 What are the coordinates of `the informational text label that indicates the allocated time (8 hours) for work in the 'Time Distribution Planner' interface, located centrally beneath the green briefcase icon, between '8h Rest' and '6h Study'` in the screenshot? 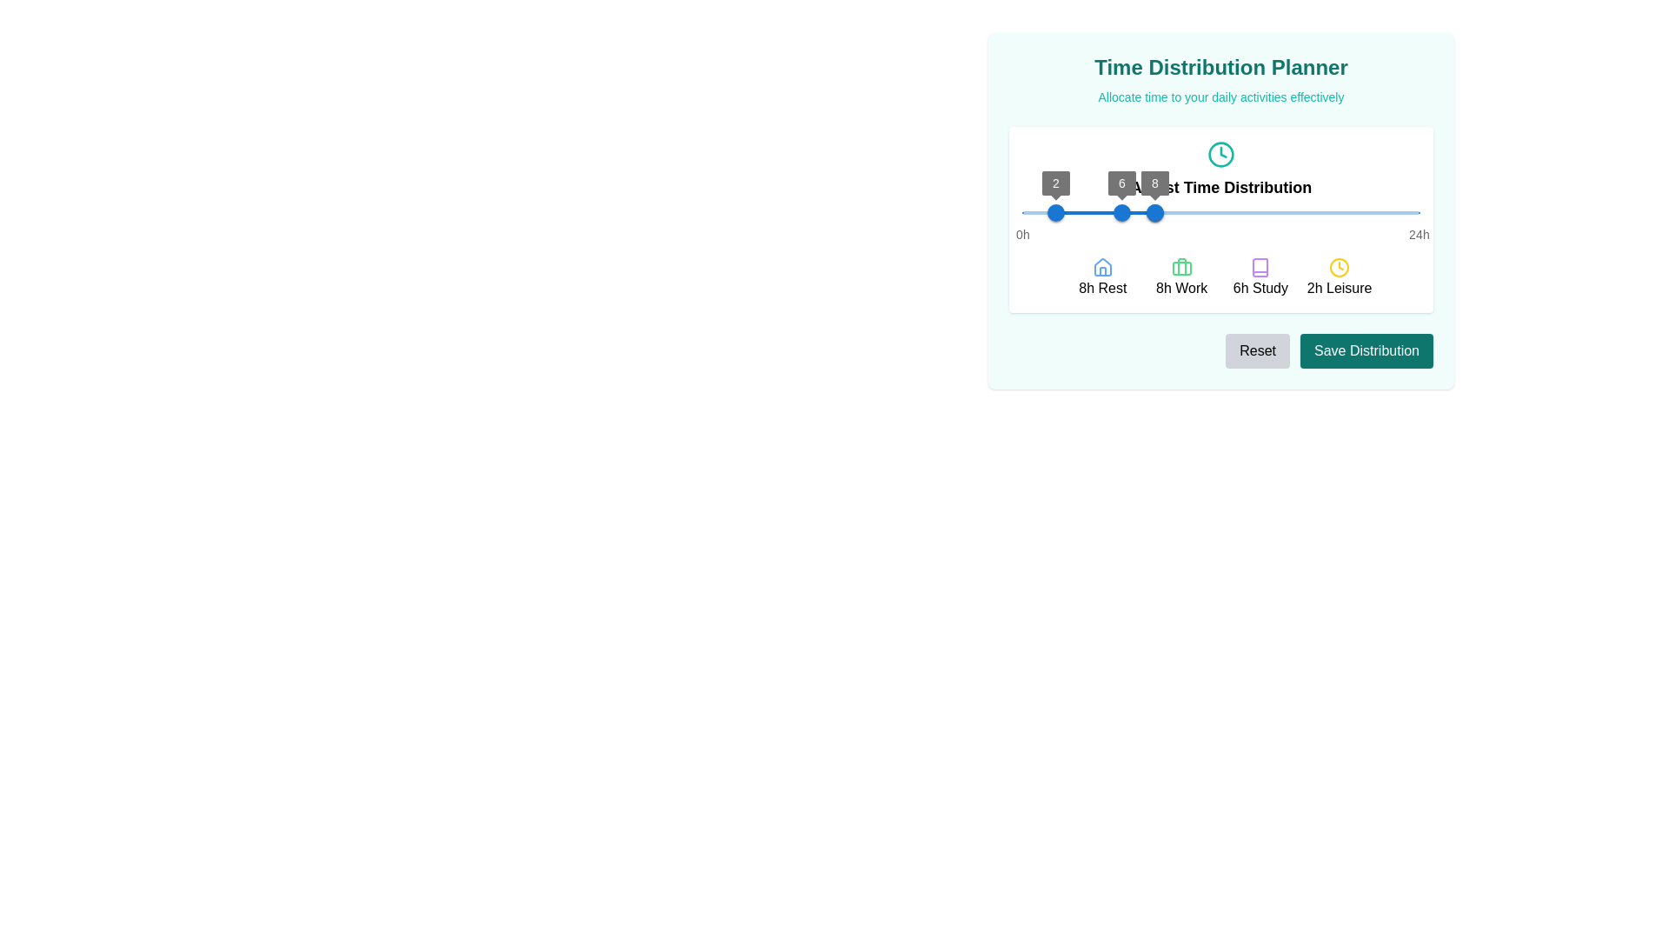 It's located at (1181, 287).